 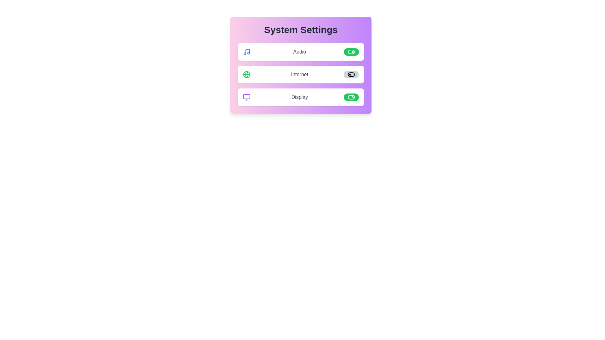 What do you see at coordinates (351, 74) in the screenshot?
I see `the toggle switch in the 'Internet' section of the 'System Settings' dialog` at bounding box center [351, 74].